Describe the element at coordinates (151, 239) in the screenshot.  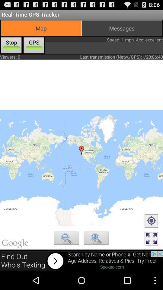
I see `open full screen view` at that location.